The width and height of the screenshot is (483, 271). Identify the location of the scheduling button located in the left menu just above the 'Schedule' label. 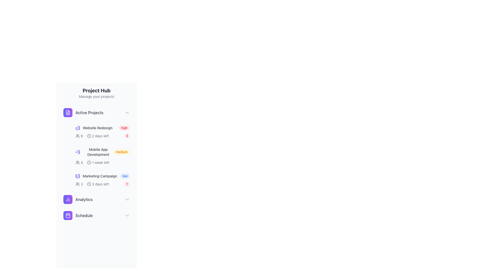
(67, 215).